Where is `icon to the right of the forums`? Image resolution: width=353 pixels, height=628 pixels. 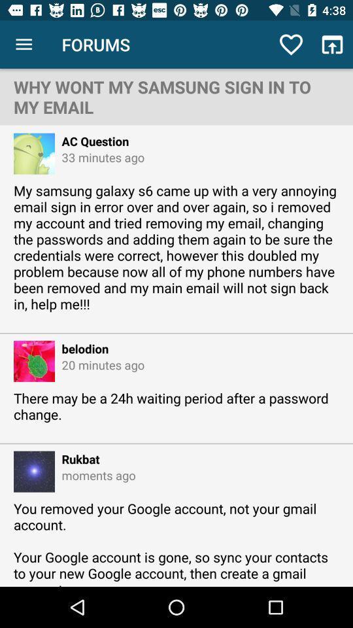
icon to the right of the forums is located at coordinates (291, 44).